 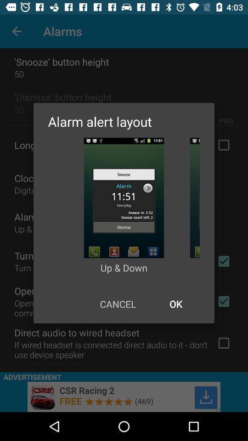 What do you see at coordinates (175, 304) in the screenshot?
I see `ok icon` at bounding box center [175, 304].